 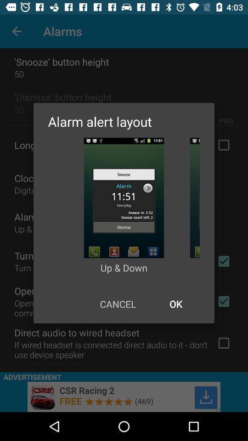 What do you see at coordinates (175, 304) in the screenshot?
I see `ok icon` at bounding box center [175, 304].